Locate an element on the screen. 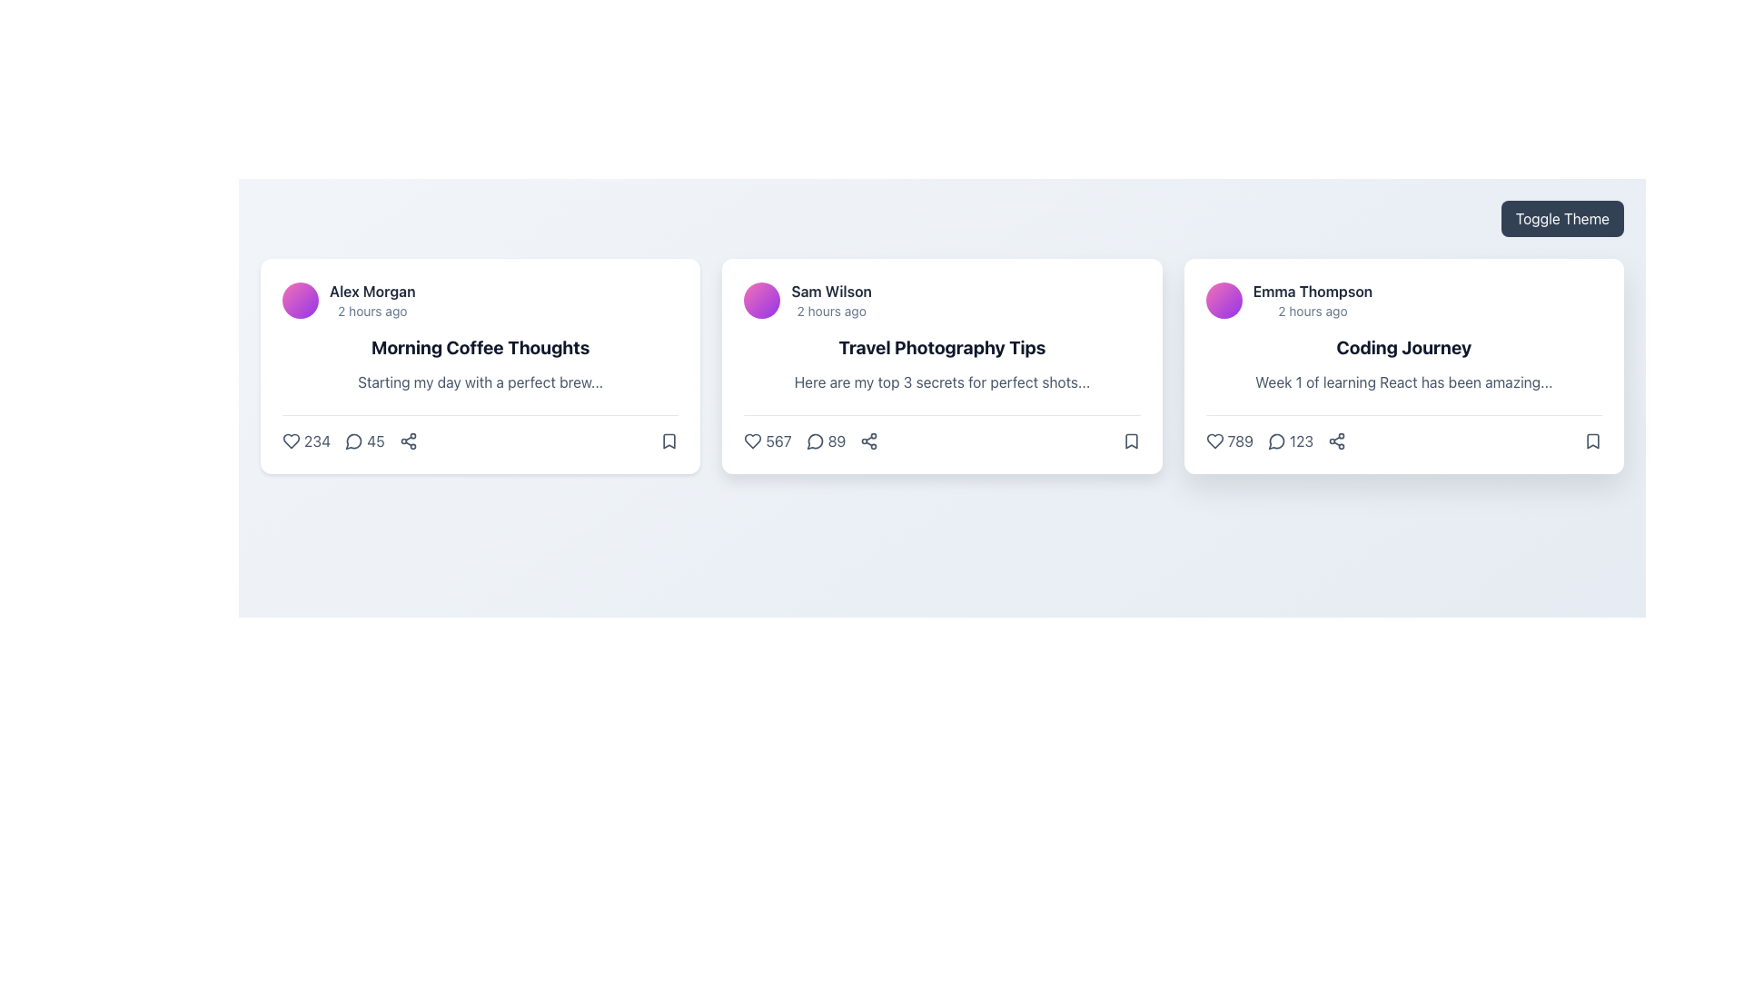 The width and height of the screenshot is (1744, 981). the speech bubble icon located in the lower section of the first card, which is to the right of the heart icon and number '234', and directly to the left of the number '45' is located at coordinates (354, 441).